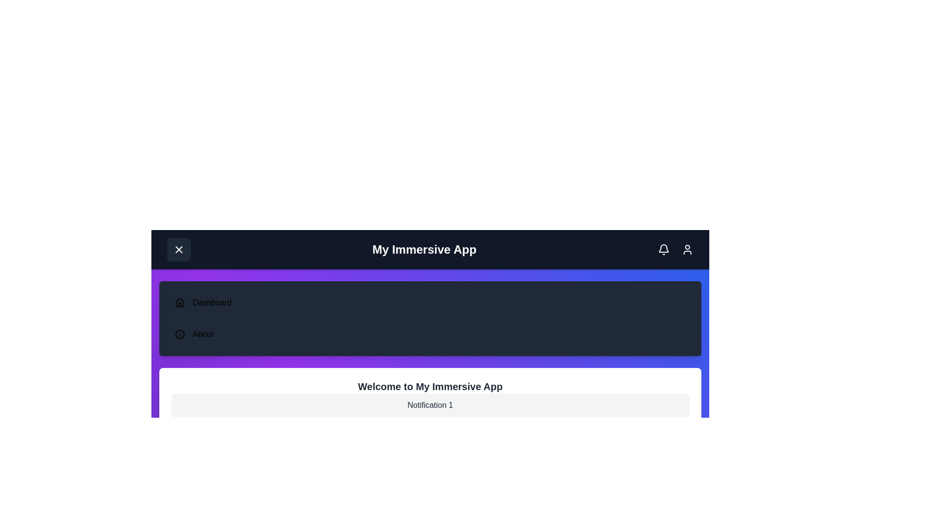  What do you see at coordinates (202, 333) in the screenshot?
I see `the 'About' menu item to navigate to the 'About' section` at bounding box center [202, 333].